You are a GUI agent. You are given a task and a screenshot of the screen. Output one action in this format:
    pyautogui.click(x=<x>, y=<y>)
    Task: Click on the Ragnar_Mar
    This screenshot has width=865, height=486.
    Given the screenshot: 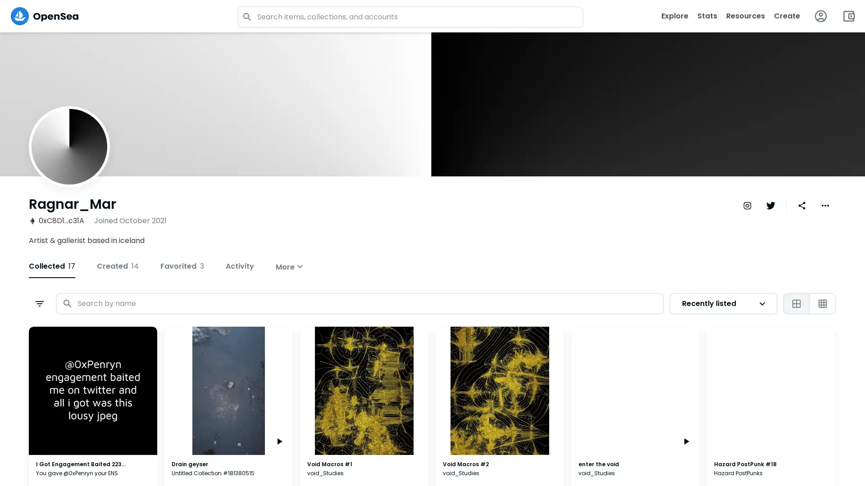 What is the action you would take?
    pyautogui.click(x=68, y=146)
    